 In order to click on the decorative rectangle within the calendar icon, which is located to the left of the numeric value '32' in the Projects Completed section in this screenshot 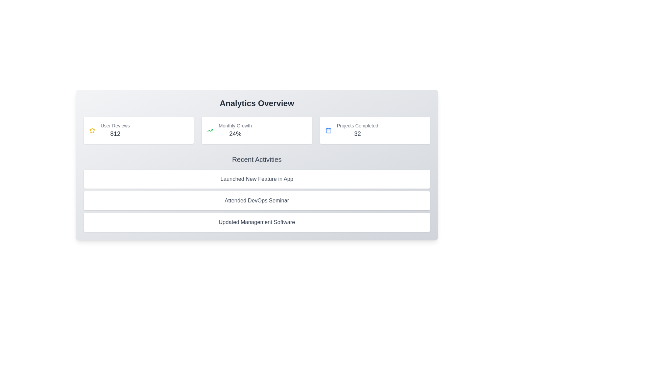, I will do `click(328, 130)`.